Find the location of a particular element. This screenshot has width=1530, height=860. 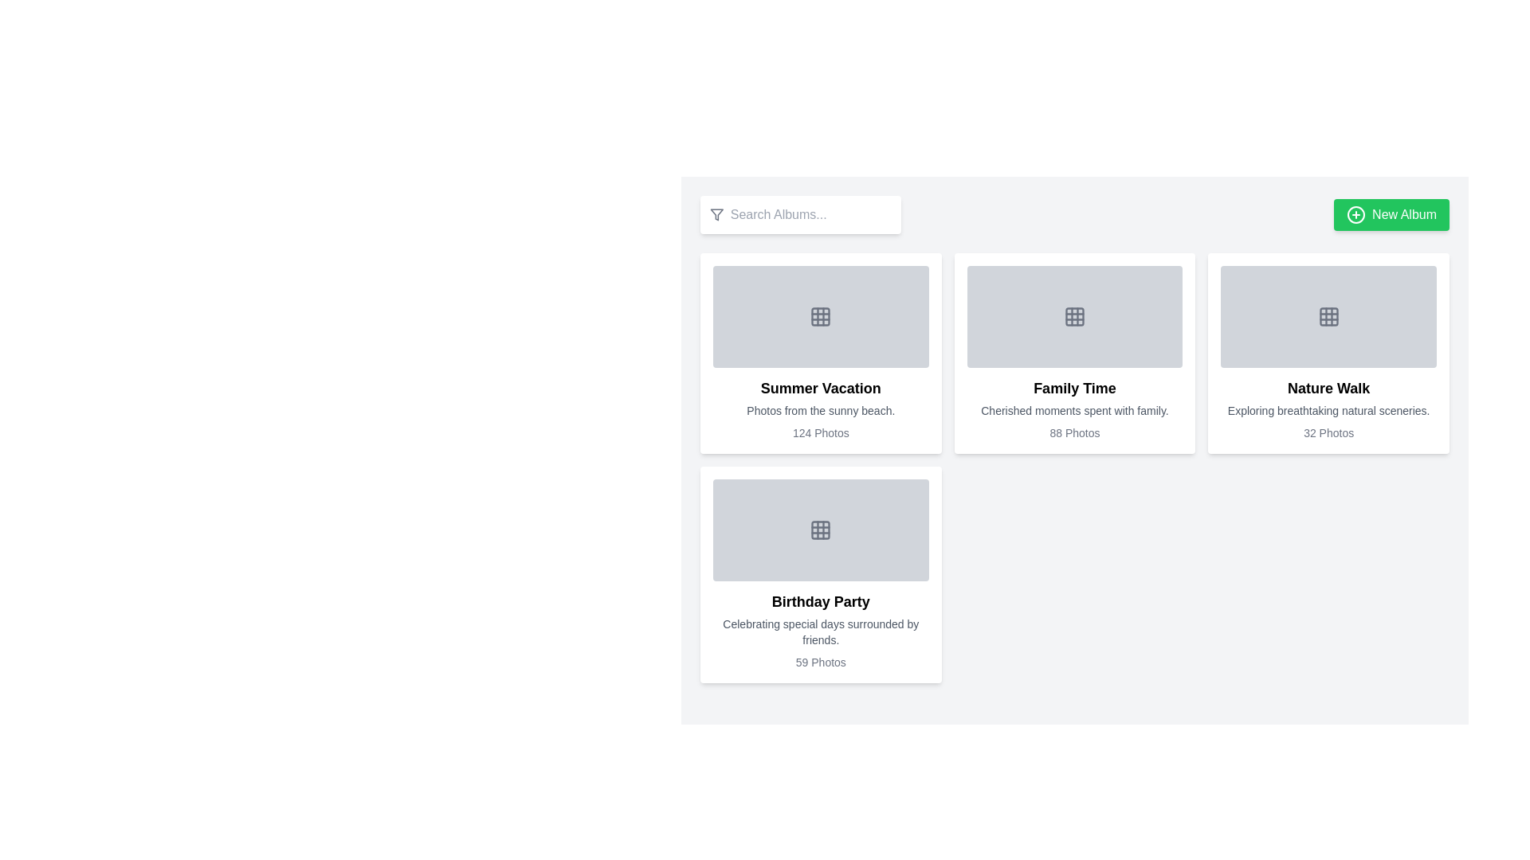

the Text block that describes the 'Nature Walk' photo album, which is positioned below the title and above the '32 Photos' label is located at coordinates (1328, 410).